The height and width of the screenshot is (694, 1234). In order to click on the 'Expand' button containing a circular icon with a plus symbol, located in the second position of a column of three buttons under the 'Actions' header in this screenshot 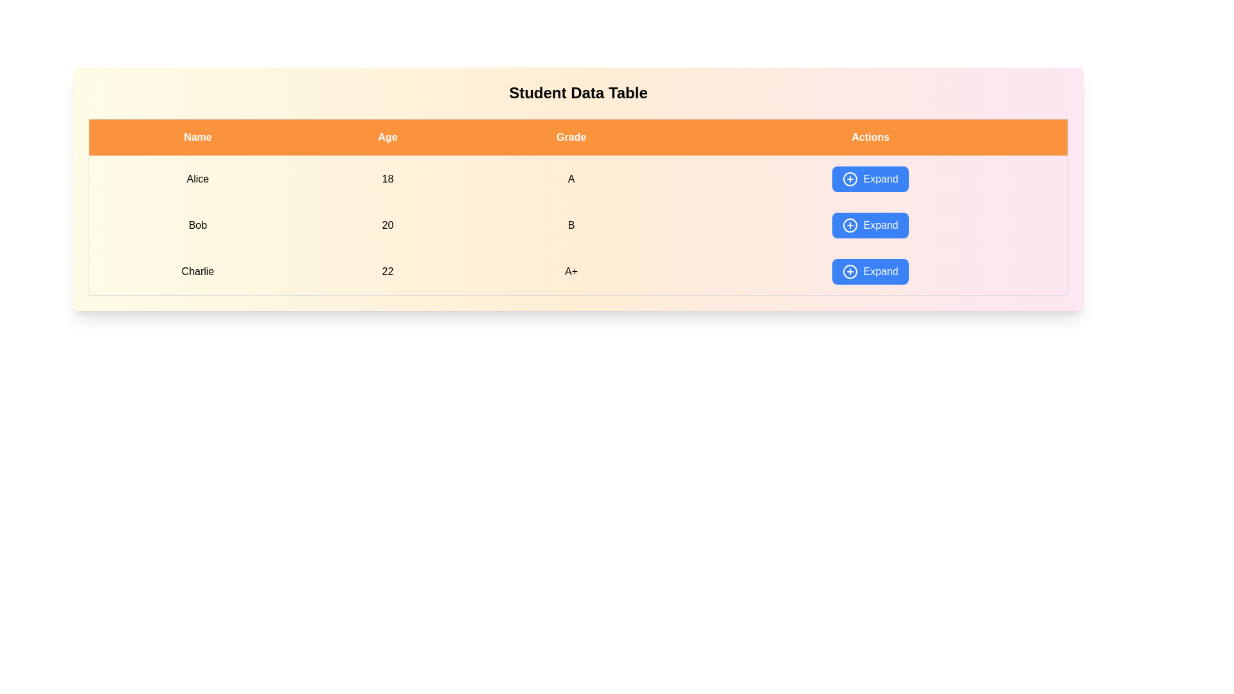, I will do `click(850, 225)`.